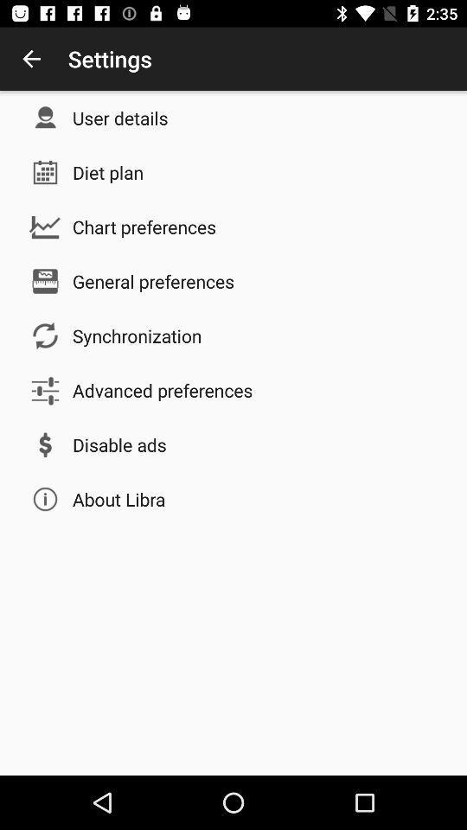  Describe the element at coordinates (31, 59) in the screenshot. I see `app next to the settings icon` at that location.